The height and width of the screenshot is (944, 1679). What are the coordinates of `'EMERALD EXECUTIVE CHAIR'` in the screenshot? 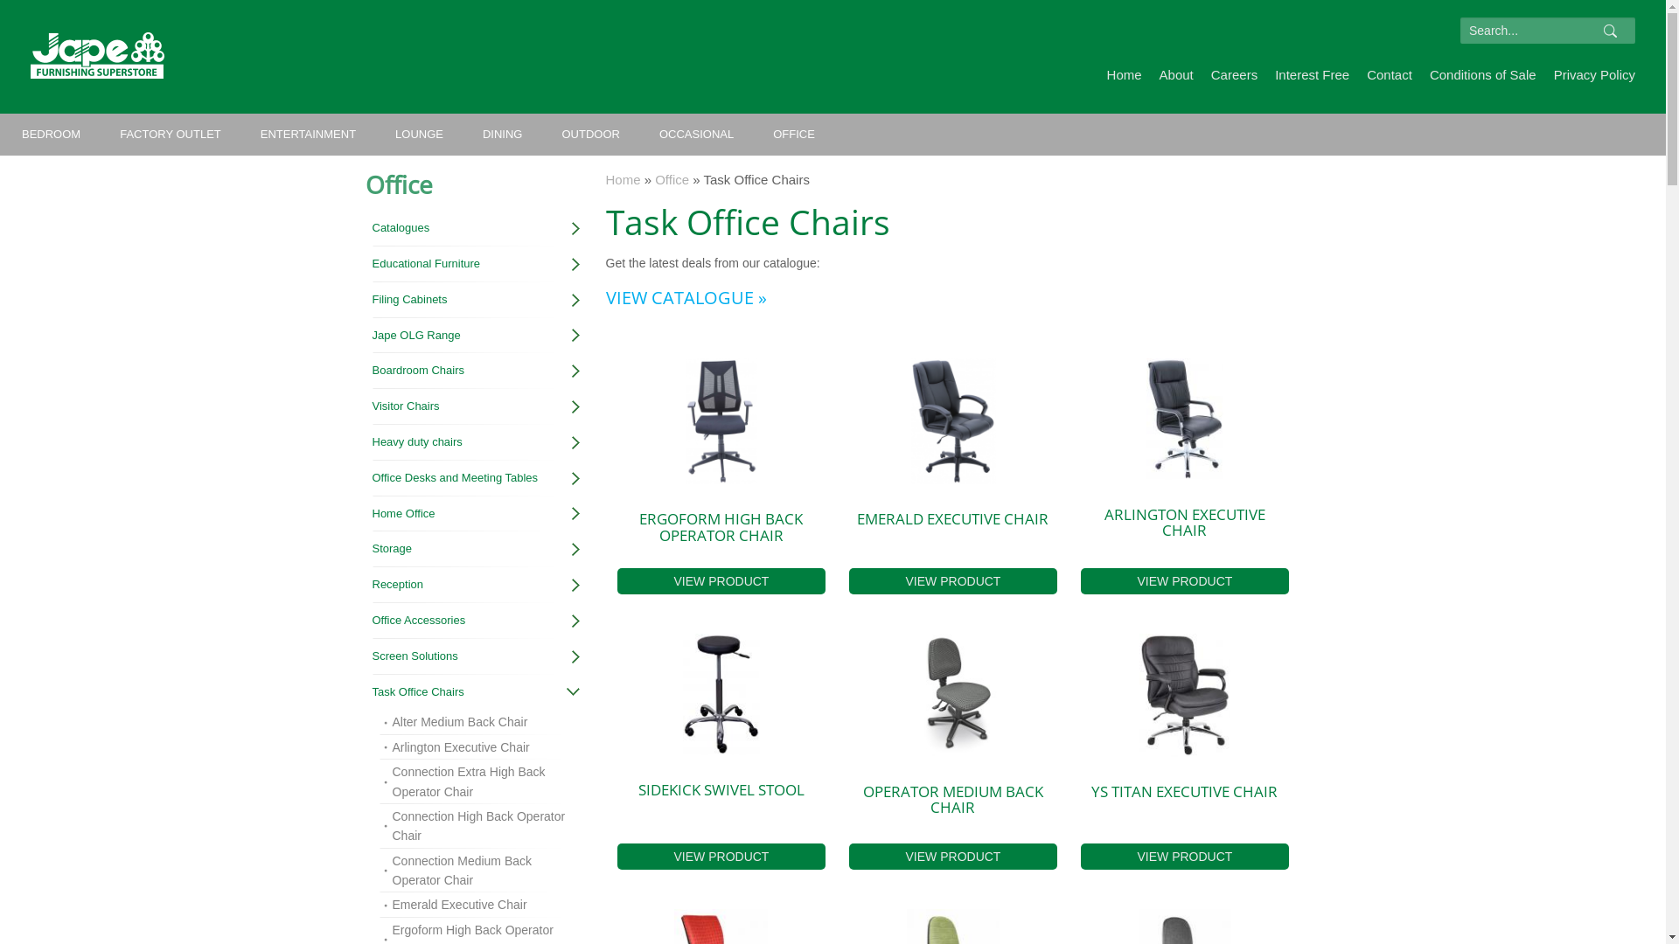 It's located at (951, 517).